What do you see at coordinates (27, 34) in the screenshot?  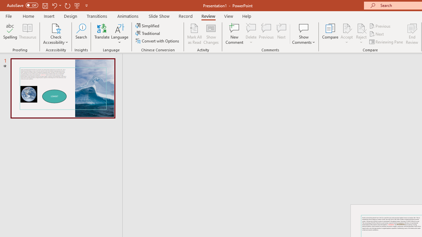 I see `'Thesaurus...'` at bounding box center [27, 34].